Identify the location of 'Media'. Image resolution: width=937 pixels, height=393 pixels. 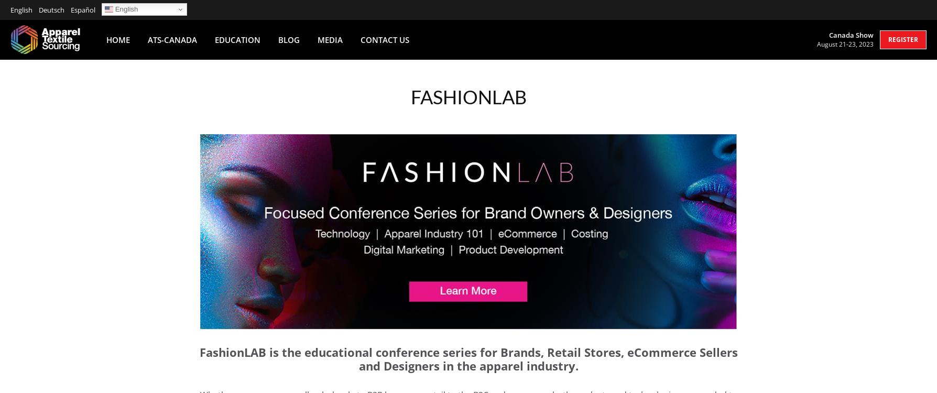
(330, 39).